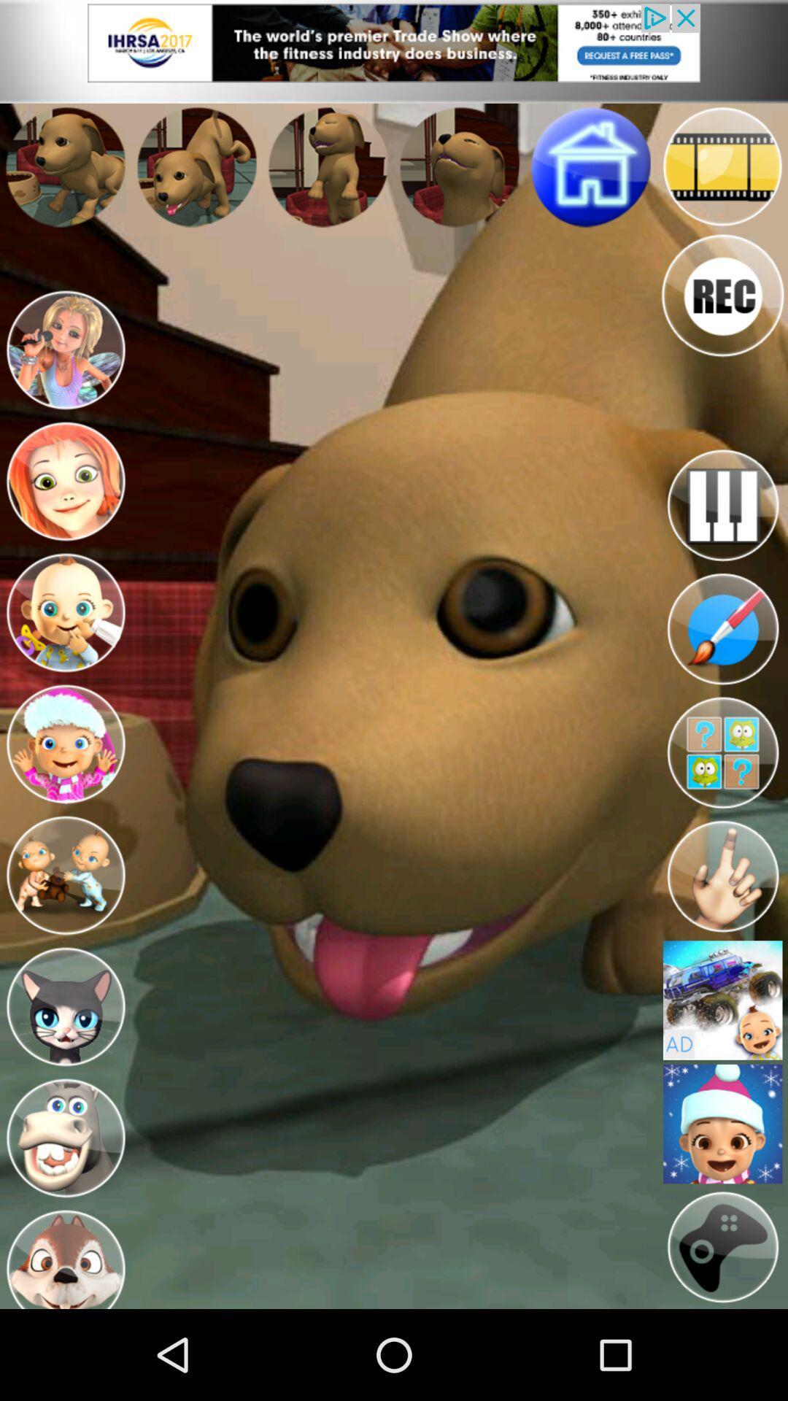  Describe the element at coordinates (722, 1335) in the screenshot. I see `the globe icon` at that location.